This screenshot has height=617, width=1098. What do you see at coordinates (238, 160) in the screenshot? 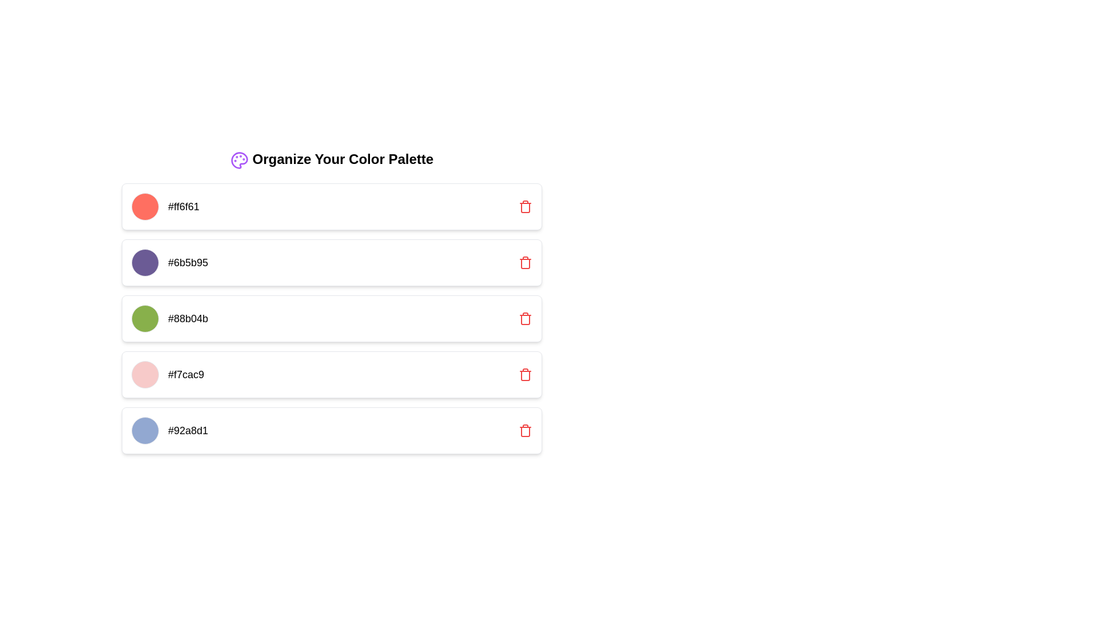
I see `the decorative icon representing palette organization, located just above the 'Organize Your Color Palette' heading` at bounding box center [238, 160].